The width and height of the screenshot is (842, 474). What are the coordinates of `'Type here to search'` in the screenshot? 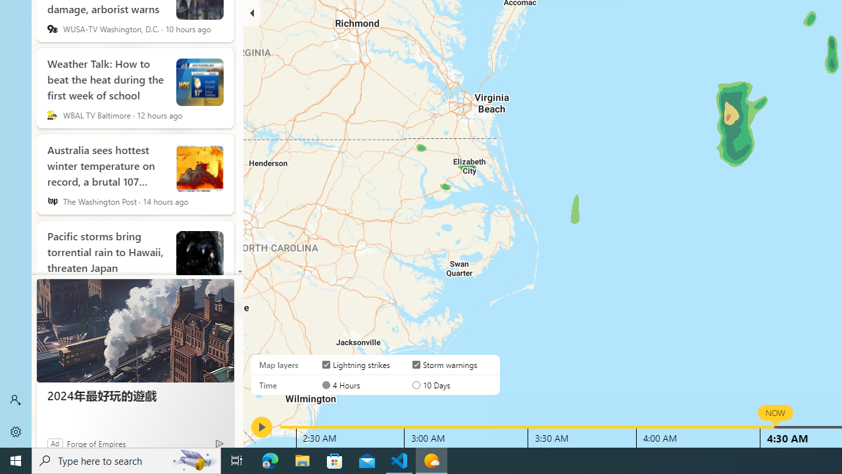 It's located at (126, 460).